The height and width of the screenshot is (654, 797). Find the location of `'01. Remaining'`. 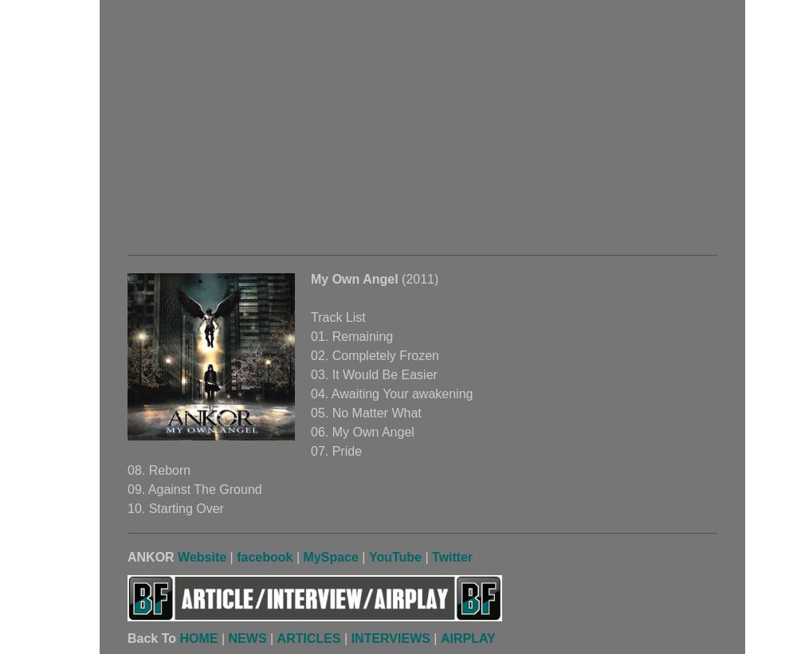

'01. Remaining' is located at coordinates (351, 336).